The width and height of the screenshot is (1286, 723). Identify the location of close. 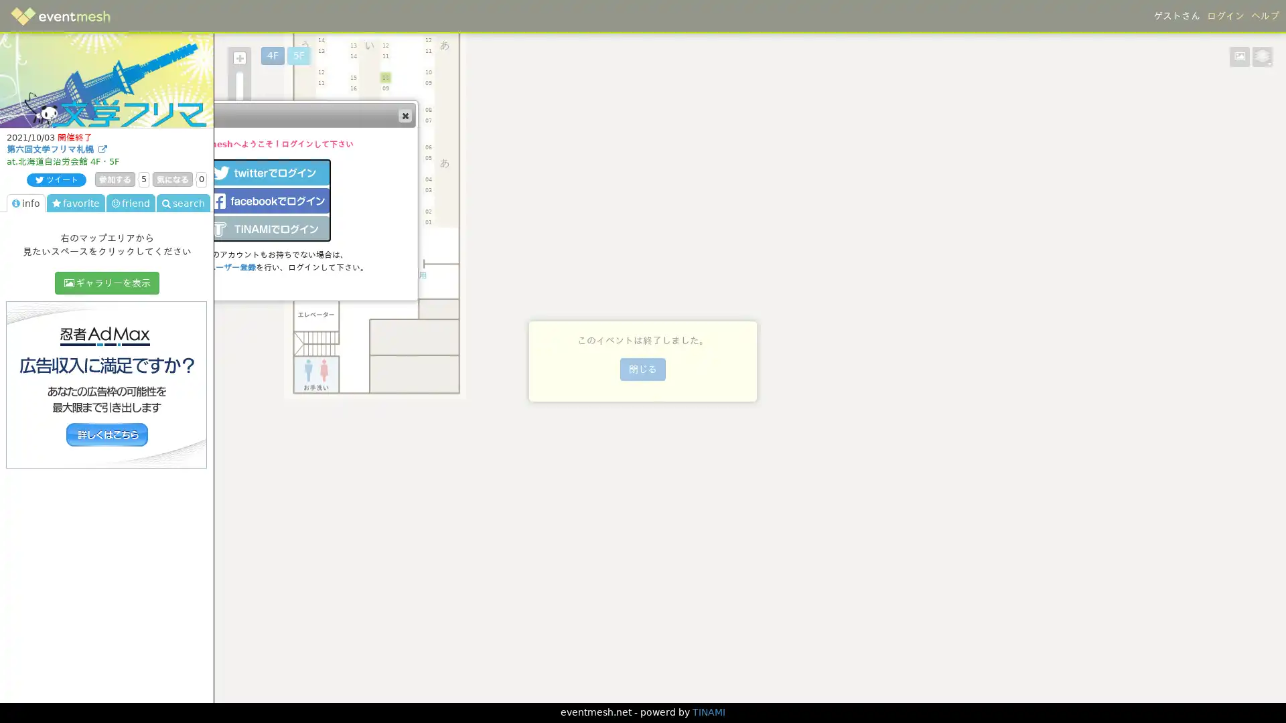
(404, 114).